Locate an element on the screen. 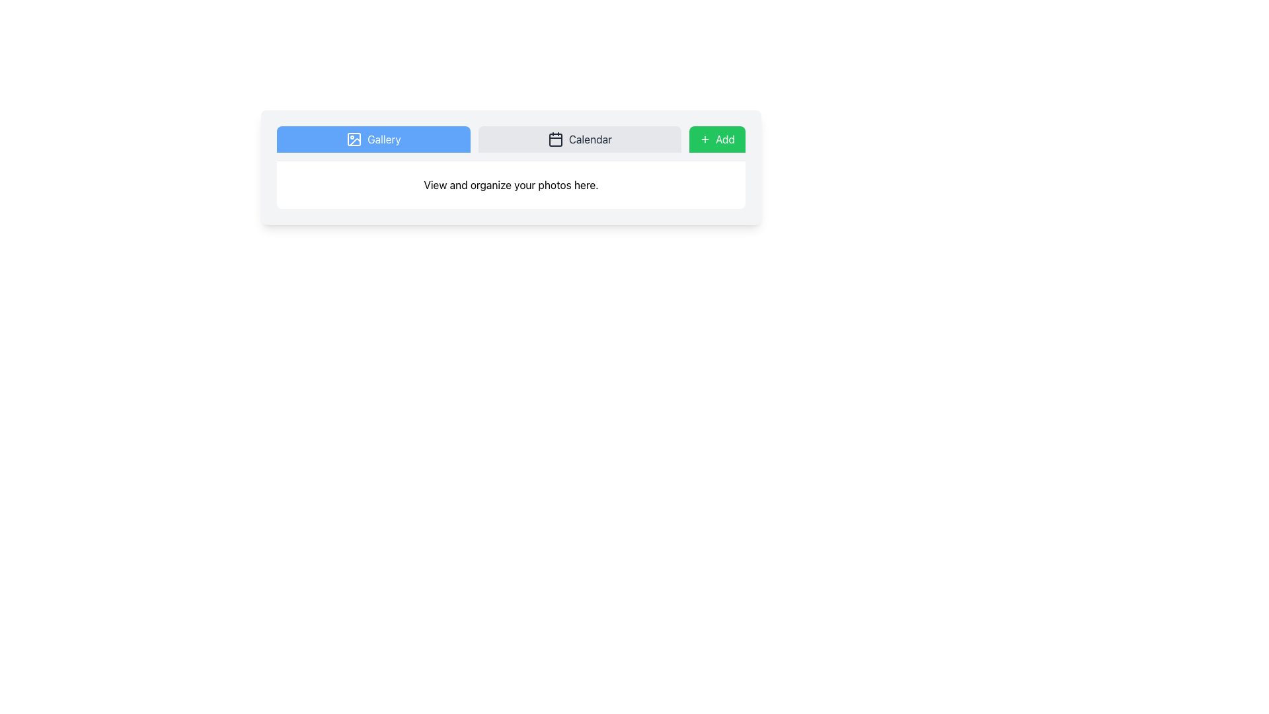  the calendar button located in the navigation bar is located at coordinates (580, 139).